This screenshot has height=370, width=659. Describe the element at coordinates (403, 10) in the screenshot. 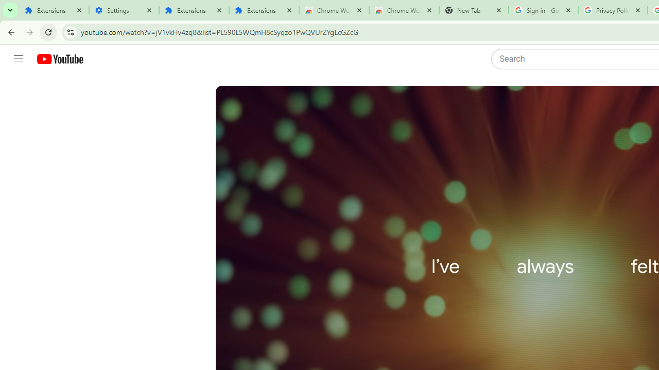

I see `'Chrome Web Store - Themes'` at that location.